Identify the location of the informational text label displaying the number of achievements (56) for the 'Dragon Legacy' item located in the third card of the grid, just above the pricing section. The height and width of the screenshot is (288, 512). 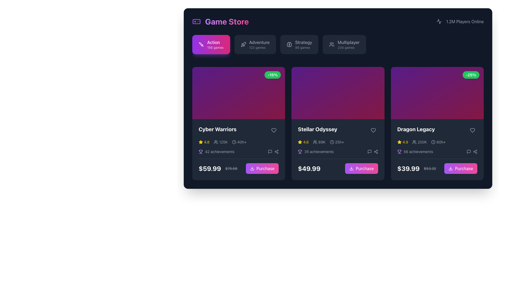
(415, 151).